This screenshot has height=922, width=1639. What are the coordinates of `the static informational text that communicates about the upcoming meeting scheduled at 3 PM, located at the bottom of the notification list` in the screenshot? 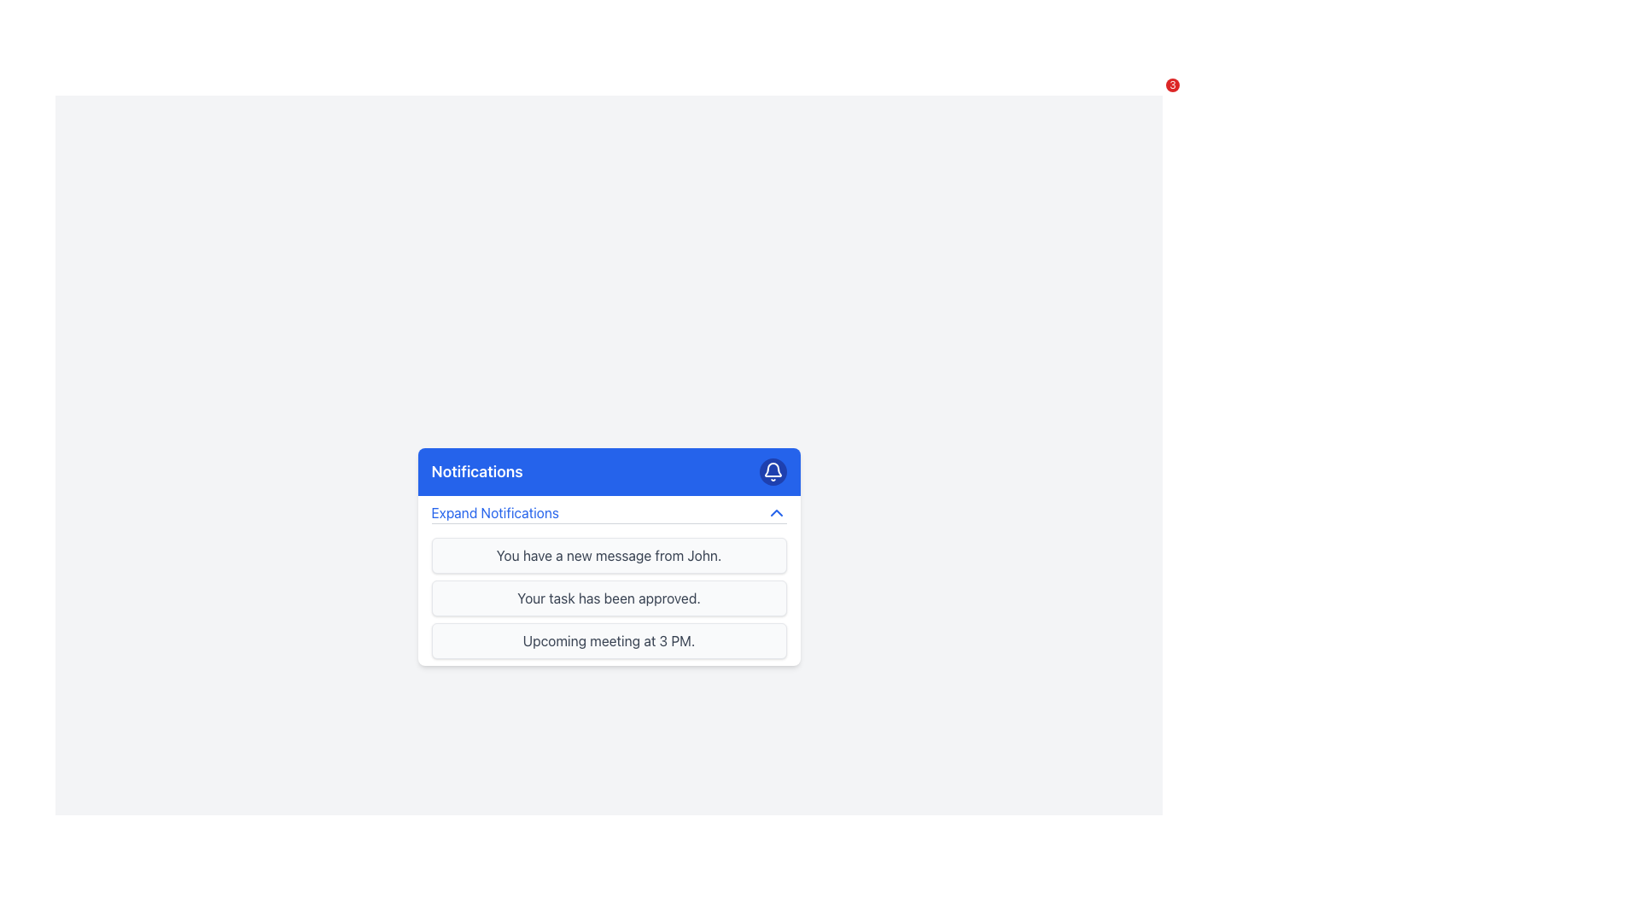 It's located at (609, 640).